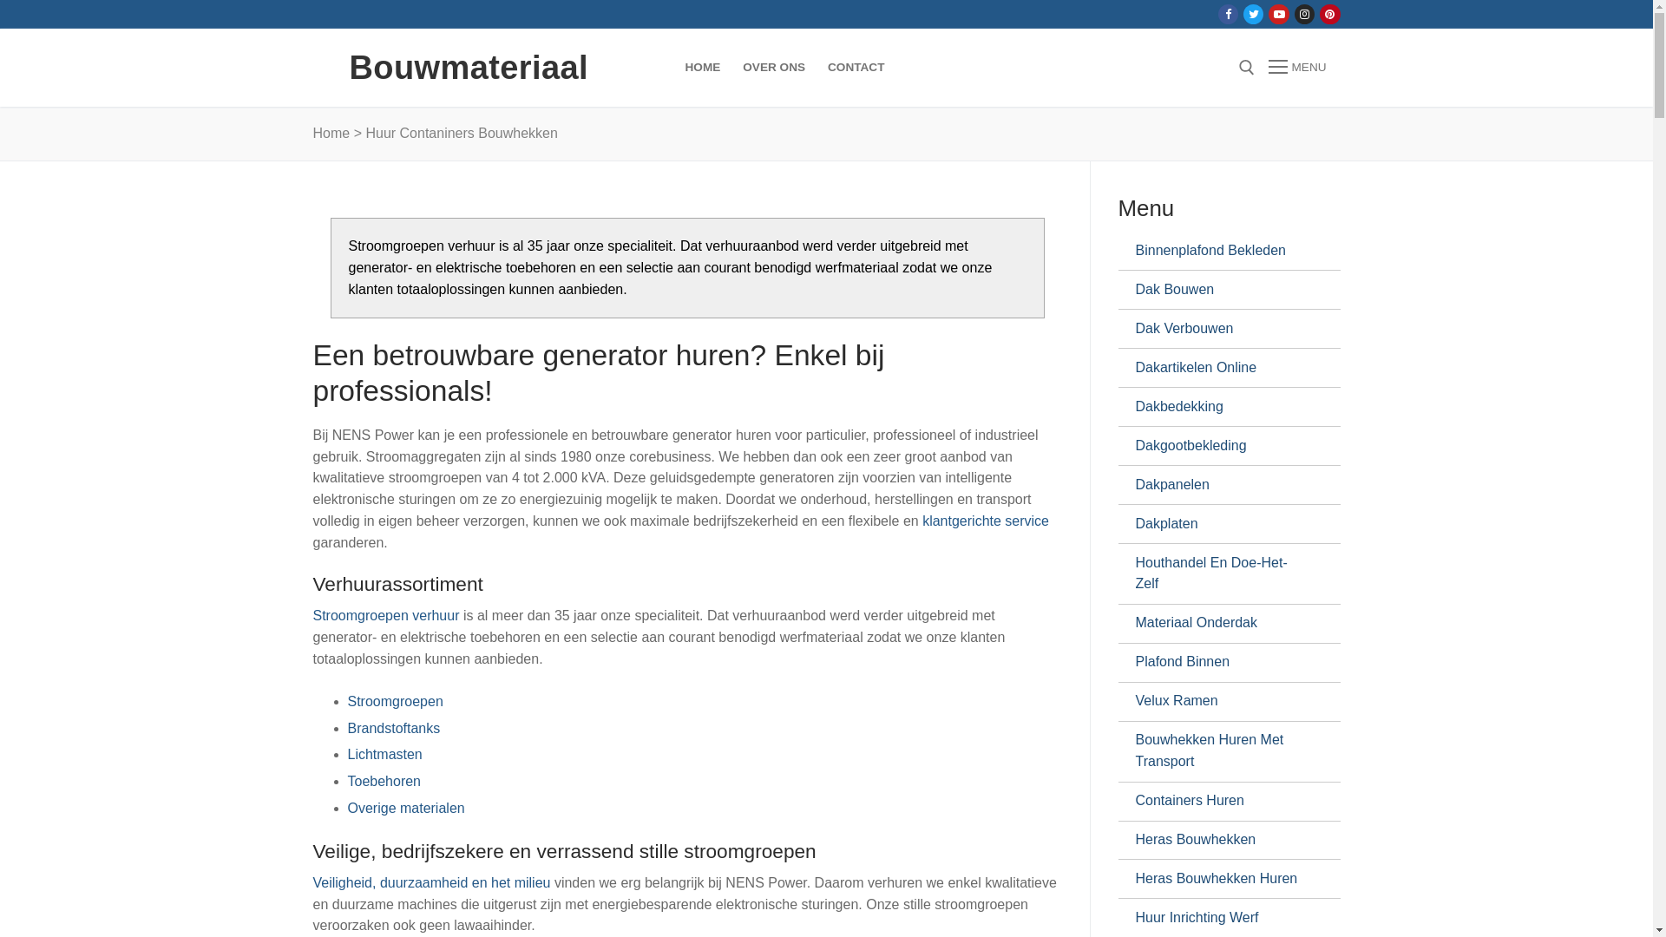 The image size is (1666, 937). I want to click on 'Stroomgroepen verhuur', so click(386, 614).